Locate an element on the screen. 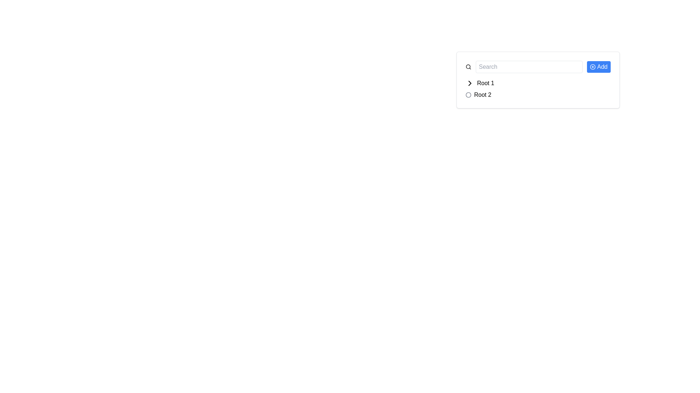 The width and height of the screenshot is (700, 393). the blue button at the top-right corner of the interactive panel that contains the text label representing the addition action is located at coordinates (602, 67).